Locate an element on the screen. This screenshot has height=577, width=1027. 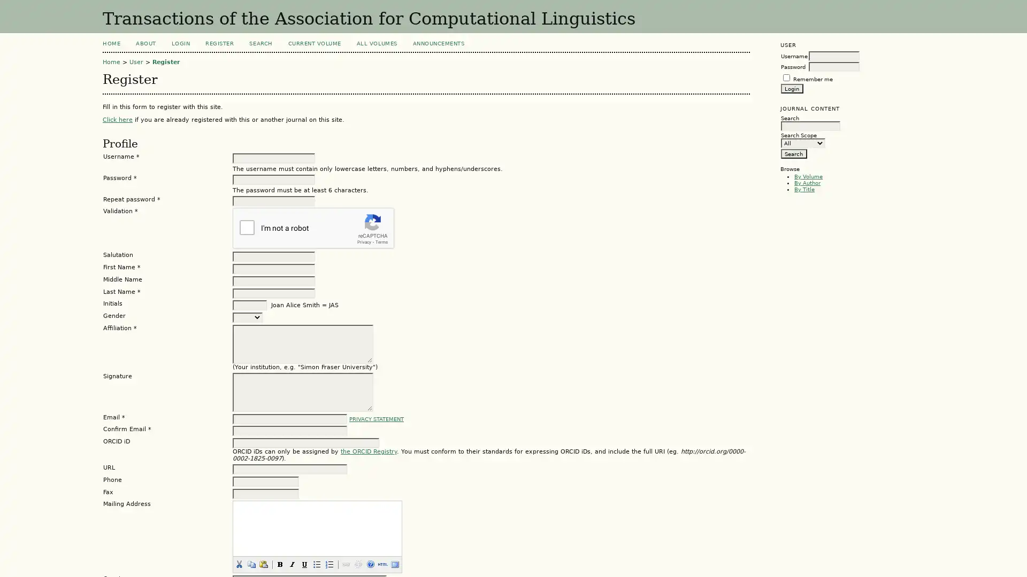
Copy (Ctrl+C) is located at coordinates (250, 564).